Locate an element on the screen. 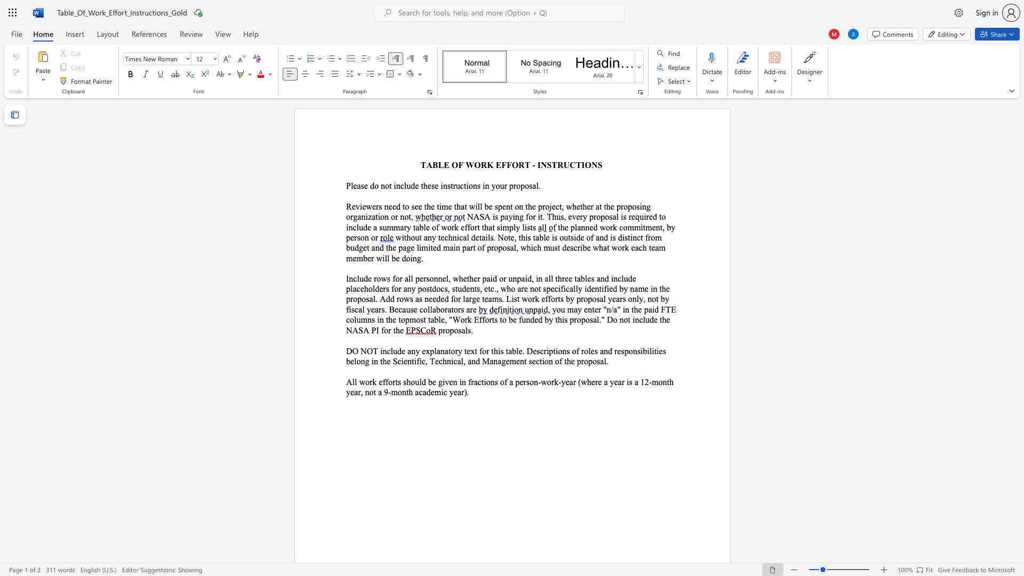 The image size is (1024, 576). the 5th character "l" in the text is located at coordinates (650, 351).